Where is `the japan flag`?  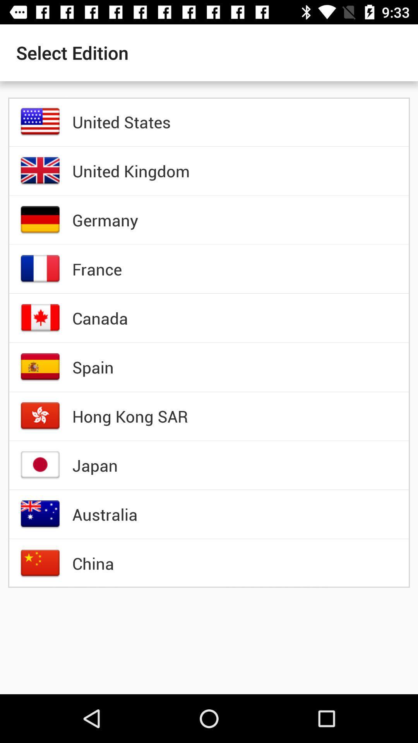
the japan flag is located at coordinates (40, 465).